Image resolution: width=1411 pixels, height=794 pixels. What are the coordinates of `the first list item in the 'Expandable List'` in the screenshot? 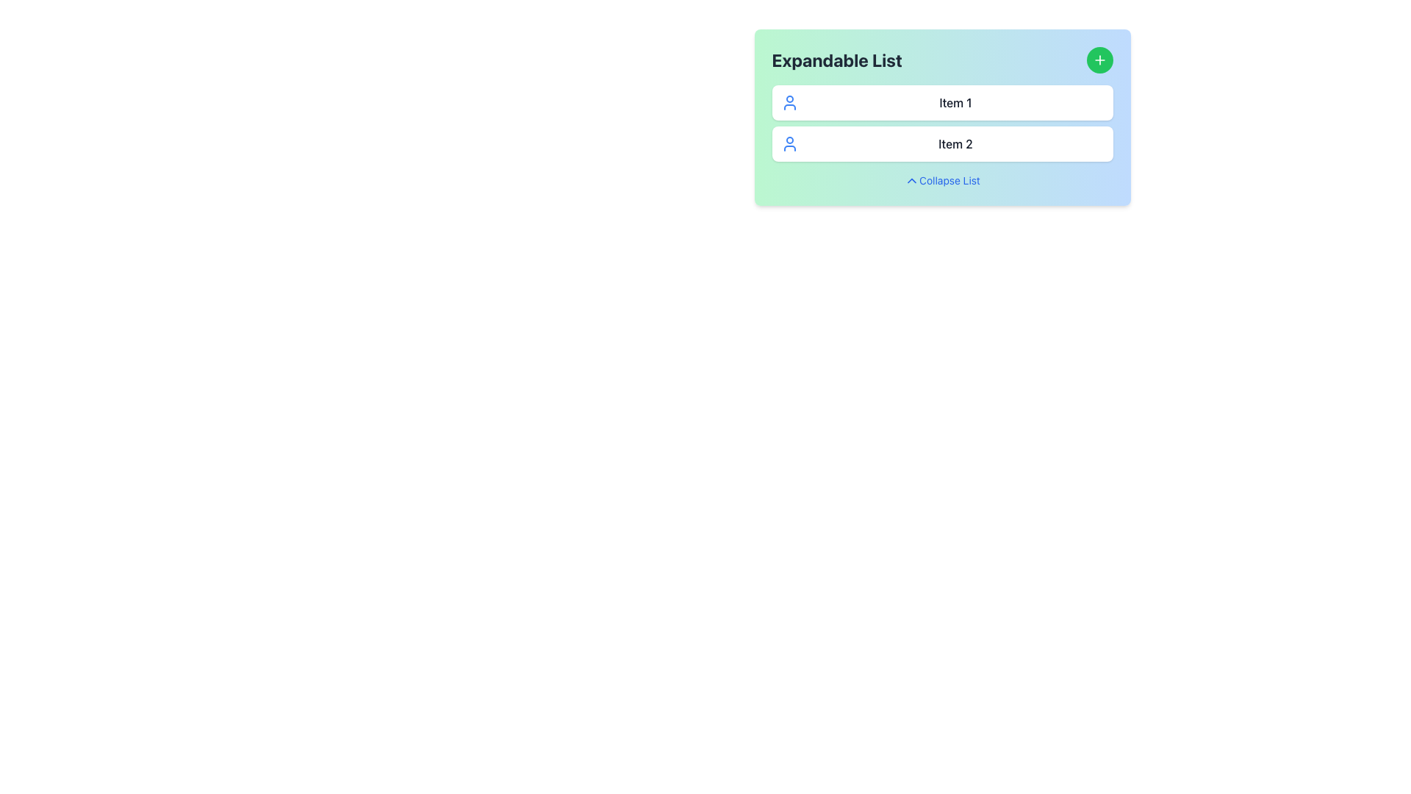 It's located at (942, 101).